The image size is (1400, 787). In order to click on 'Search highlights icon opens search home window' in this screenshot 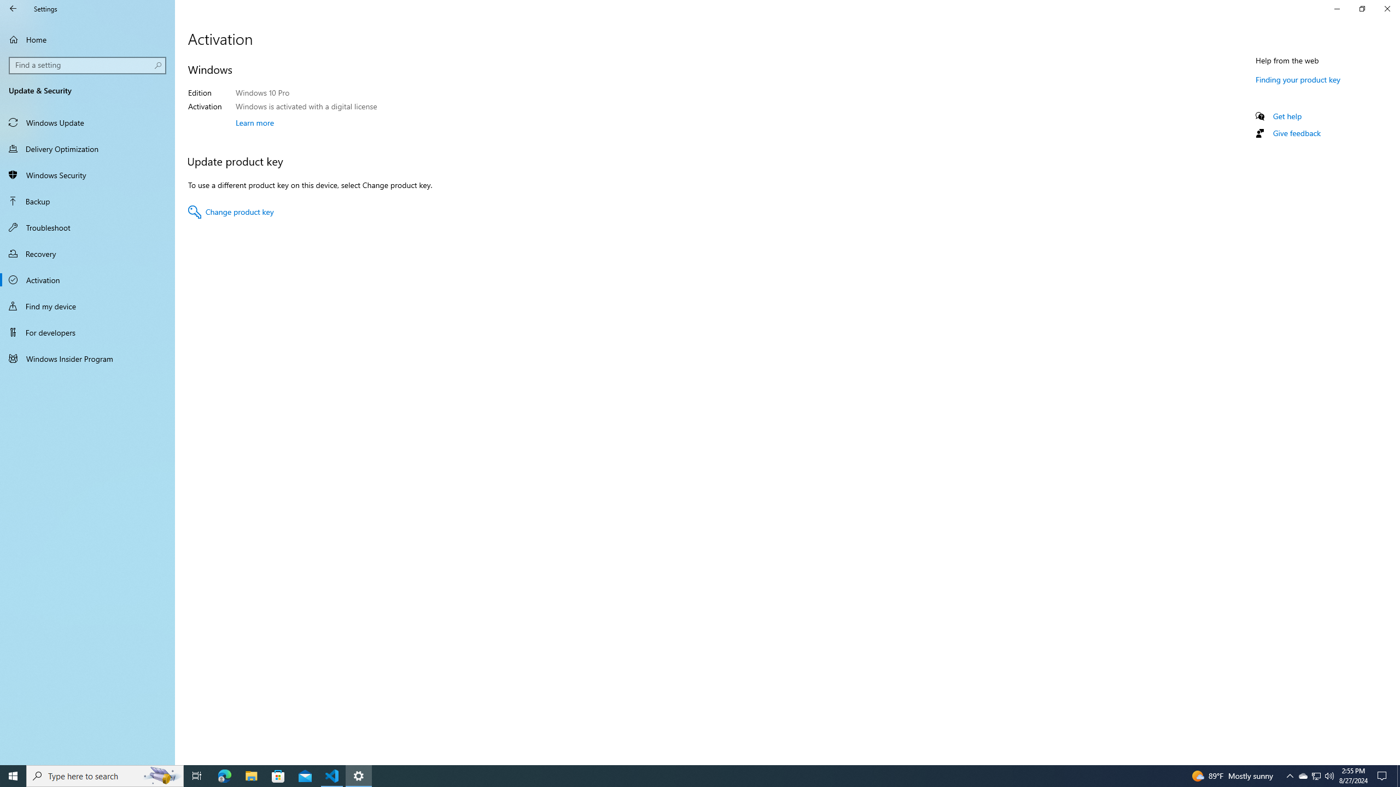, I will do `click(161, 775)`.